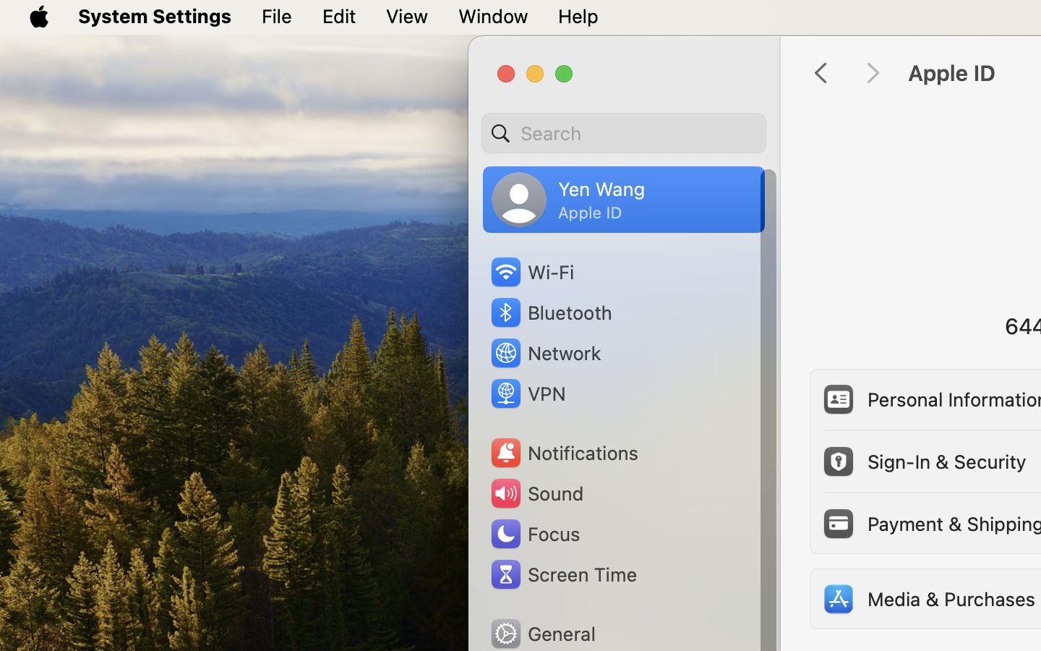 The image size is (1041, 651). What do you see at coordinates (534, 533) in the screenshot?
I see `'Focus'` at bounding box center [534, 533].